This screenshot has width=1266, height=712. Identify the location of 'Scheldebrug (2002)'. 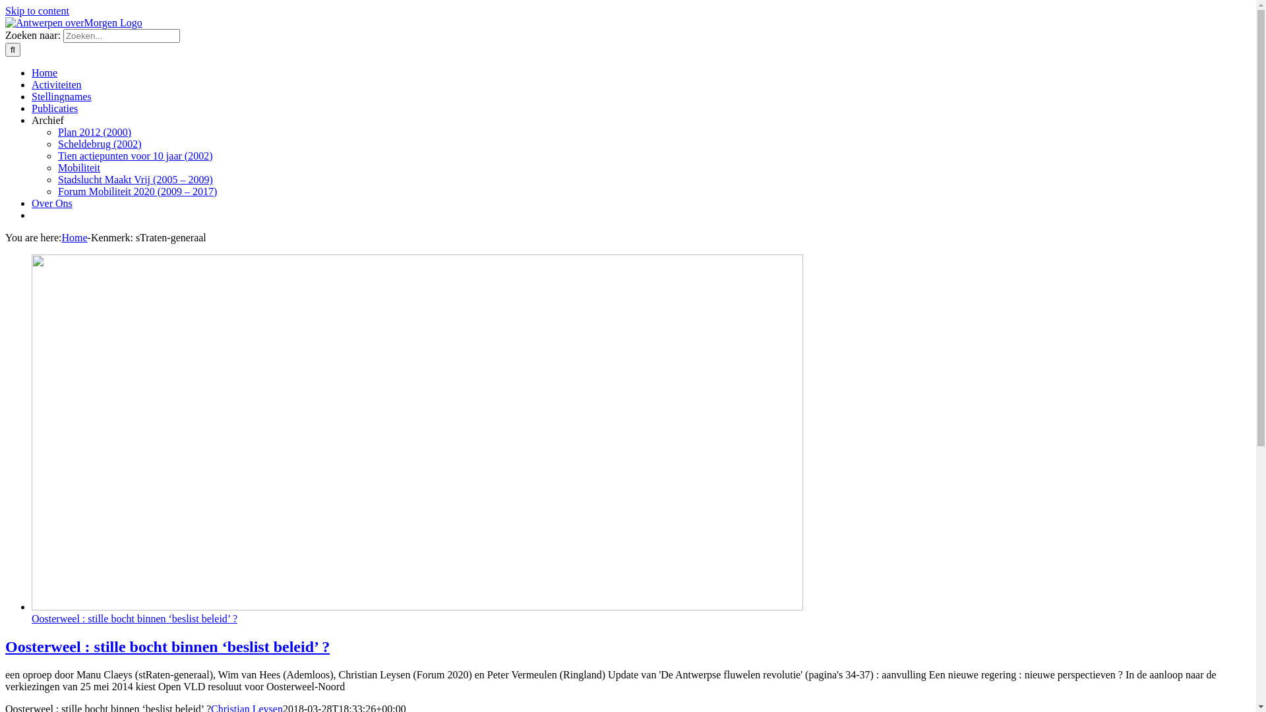
(99, 144).